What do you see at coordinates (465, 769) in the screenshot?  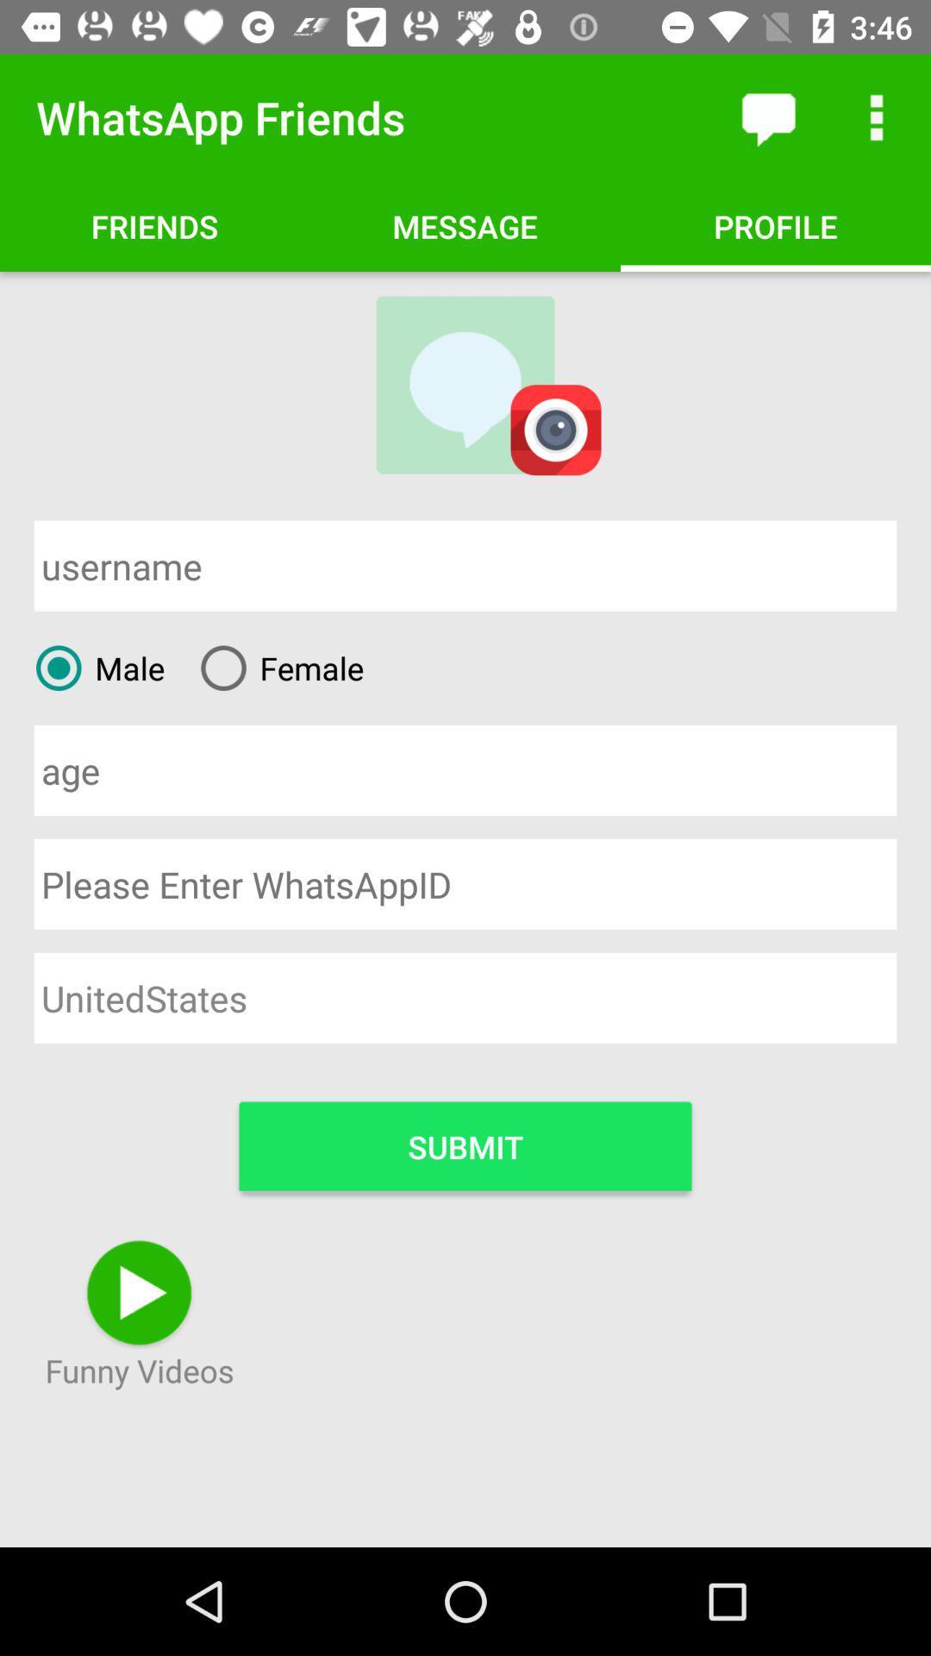 I see `age` at bounding box center [465, 769].